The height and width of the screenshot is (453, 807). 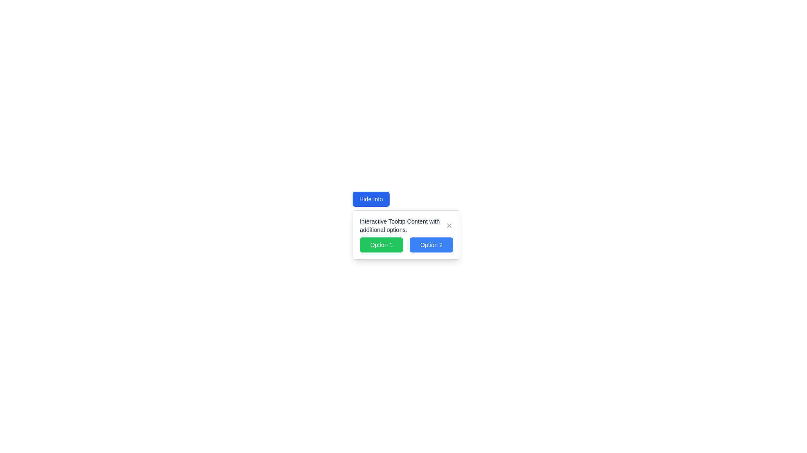 What do you see at coordinates (402, 225) in the screenshot?
I see `the Text Label that provides descriptive content, positioned to the left of a small interactive icon and above the buttons labeled 'Option 1' and 'Option 2'` at bounding box center [402, 225].